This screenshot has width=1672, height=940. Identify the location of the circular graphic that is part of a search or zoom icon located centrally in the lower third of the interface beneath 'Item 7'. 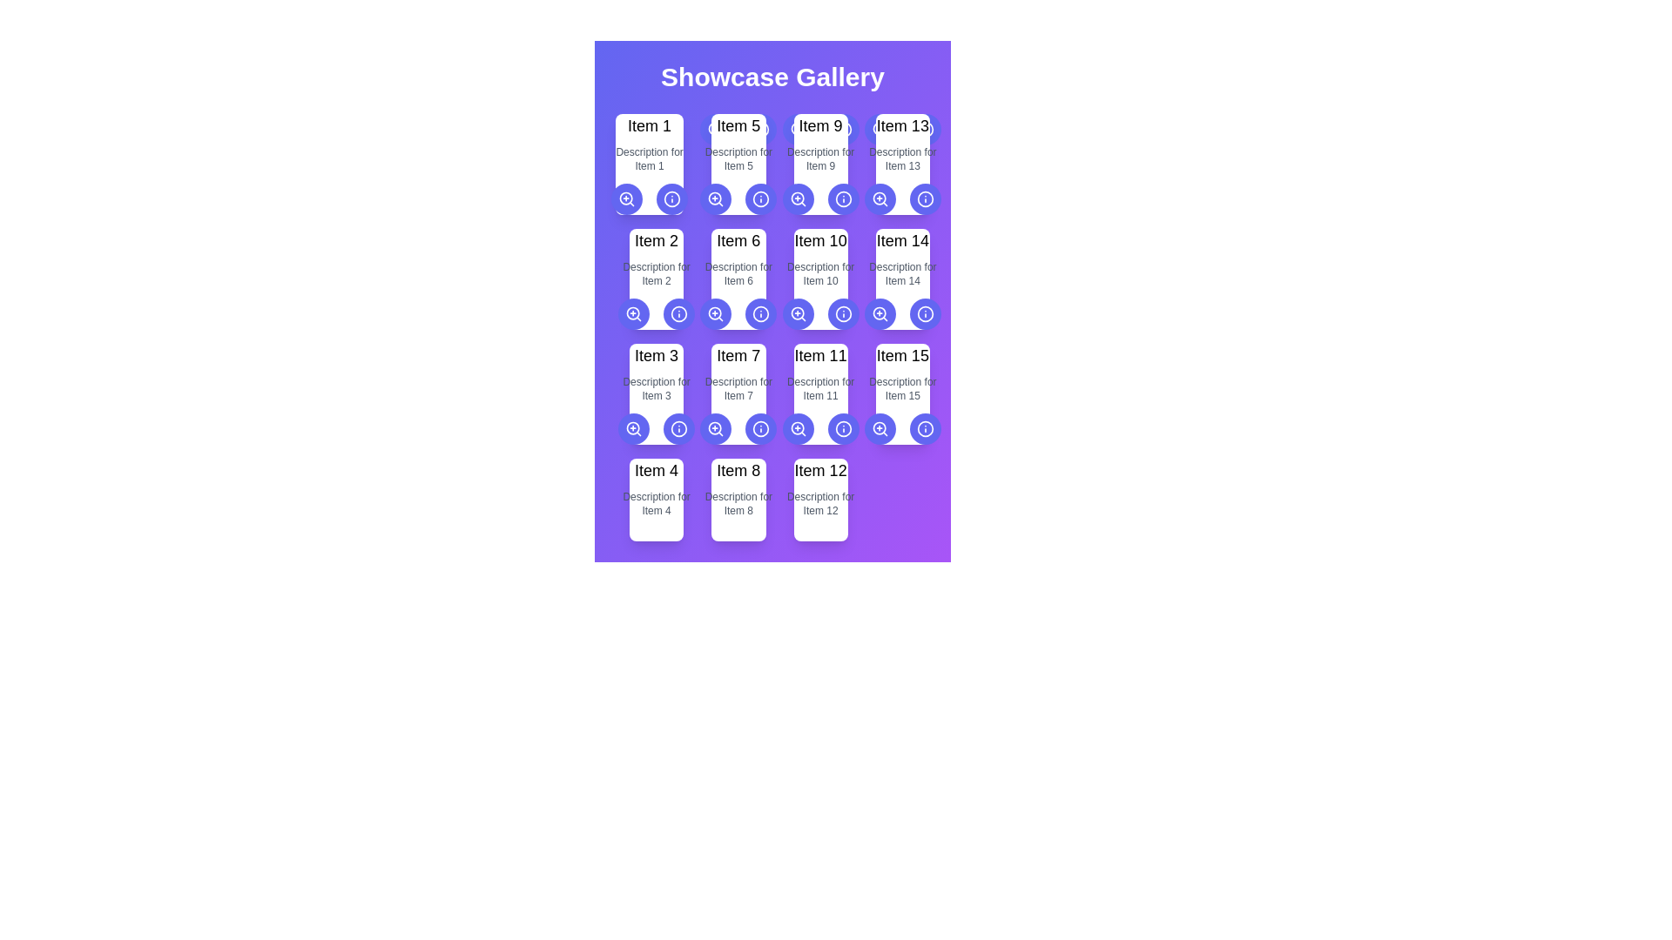
(715, 428).